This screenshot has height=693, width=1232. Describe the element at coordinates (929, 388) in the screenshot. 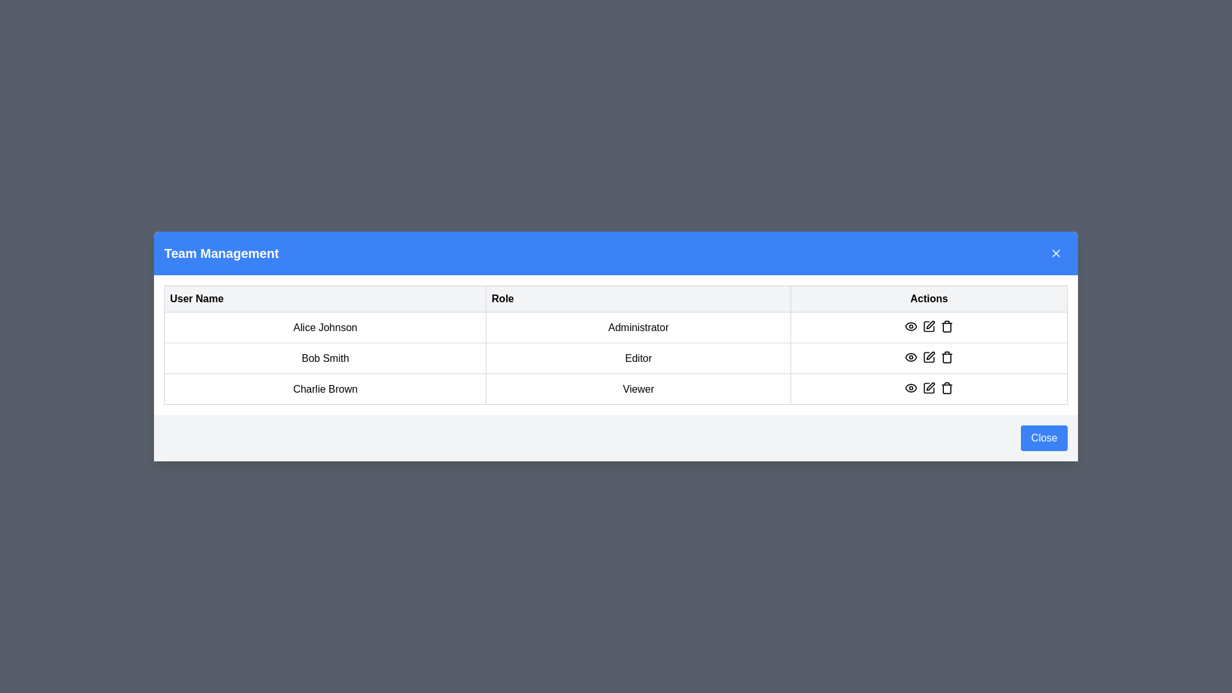

I see `the edit icon button located in the 'Actions' column of the last row for 'Charlie Brown' to invoke the edit functionality` at that location.